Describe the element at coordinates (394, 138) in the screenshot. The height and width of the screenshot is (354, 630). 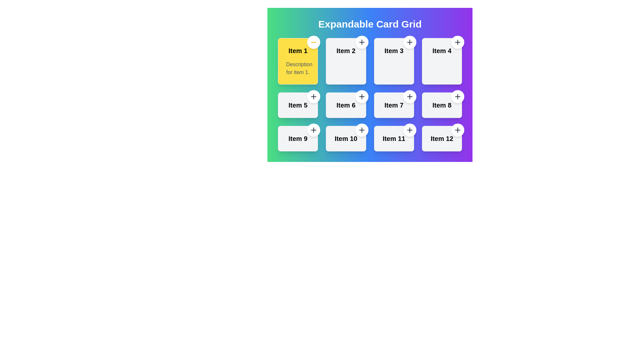
I see `the card component representing 'Item 11'` at that location.